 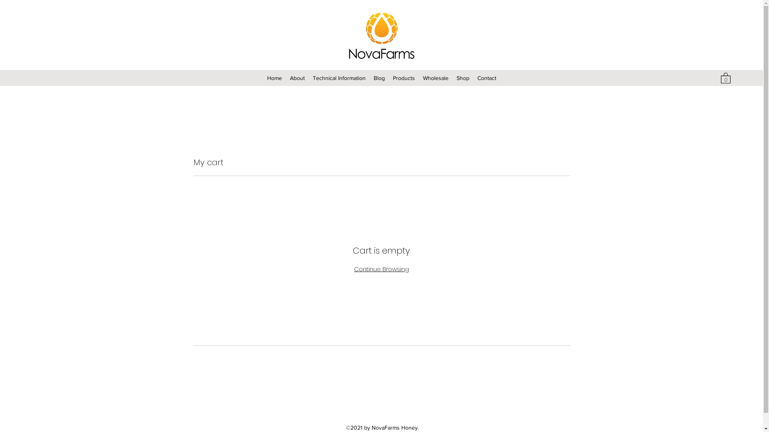 I want to click on 'Wholesale', so click(x=435, y=78).